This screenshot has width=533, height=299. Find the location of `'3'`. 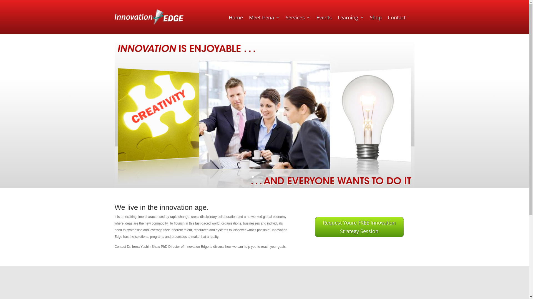

'3' is located at coordinates (262, 177).